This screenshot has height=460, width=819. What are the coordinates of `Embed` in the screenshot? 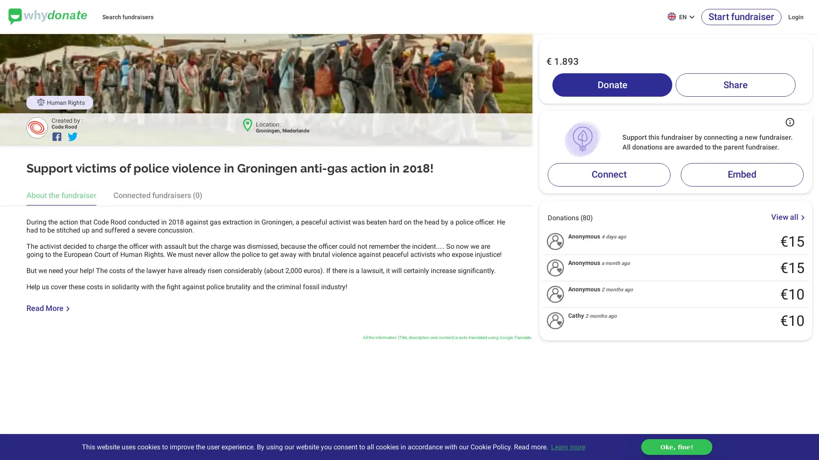 It's located at (741, 174).